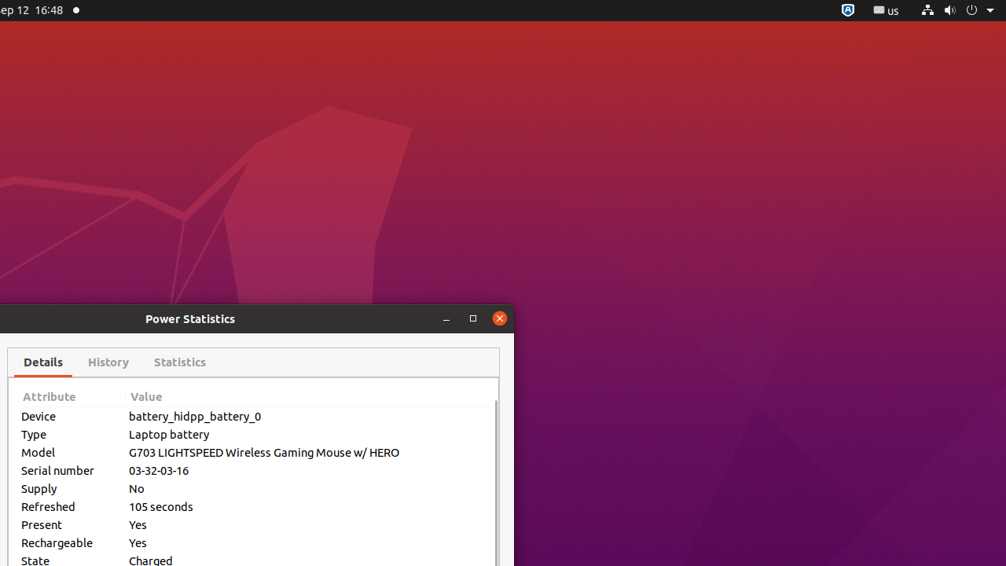 This screenshot has width=1006, height=566. I want to click on 'G703 LIGHTSPEED Wireless Gaming Mouse w/ HERO', so click(307, 452).